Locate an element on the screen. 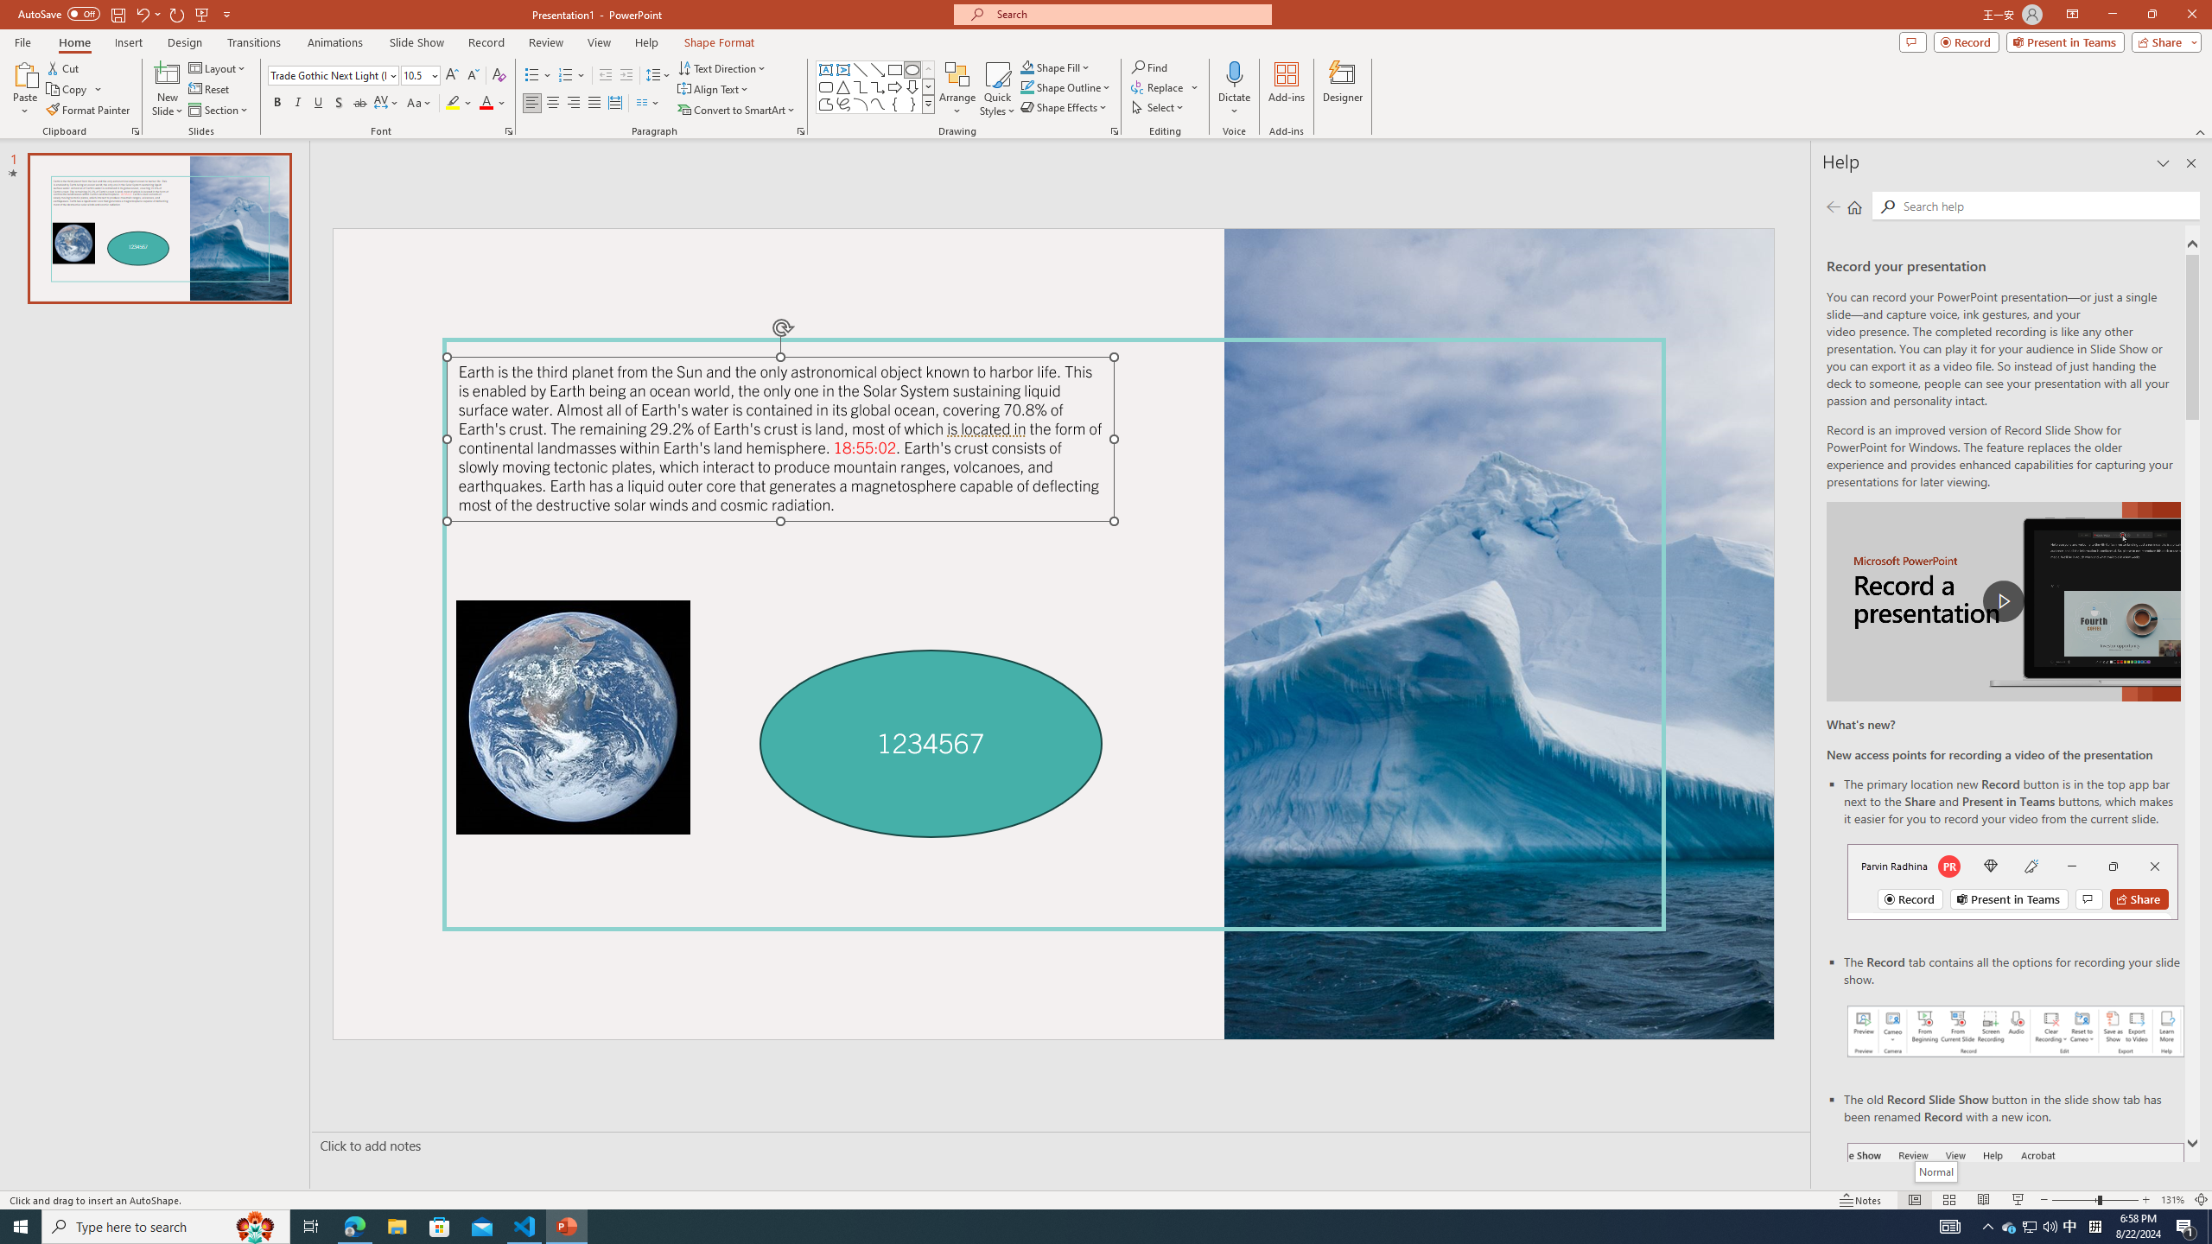 The image size is (2212, 1244). 'Zoom 131%' is located at coordinates (2173, 1200).